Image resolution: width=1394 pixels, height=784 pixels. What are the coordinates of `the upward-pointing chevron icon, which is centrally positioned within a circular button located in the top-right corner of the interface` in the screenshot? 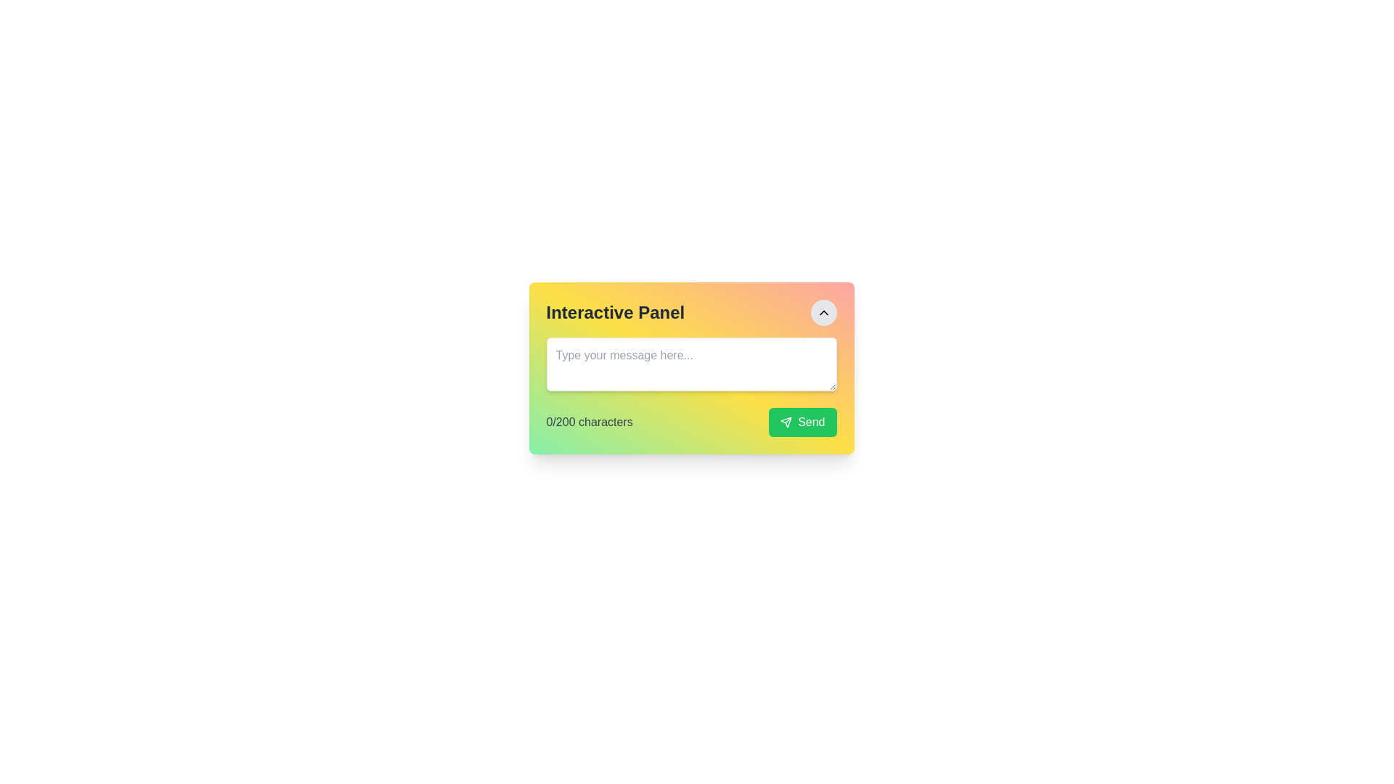 It's located at (823, 312).